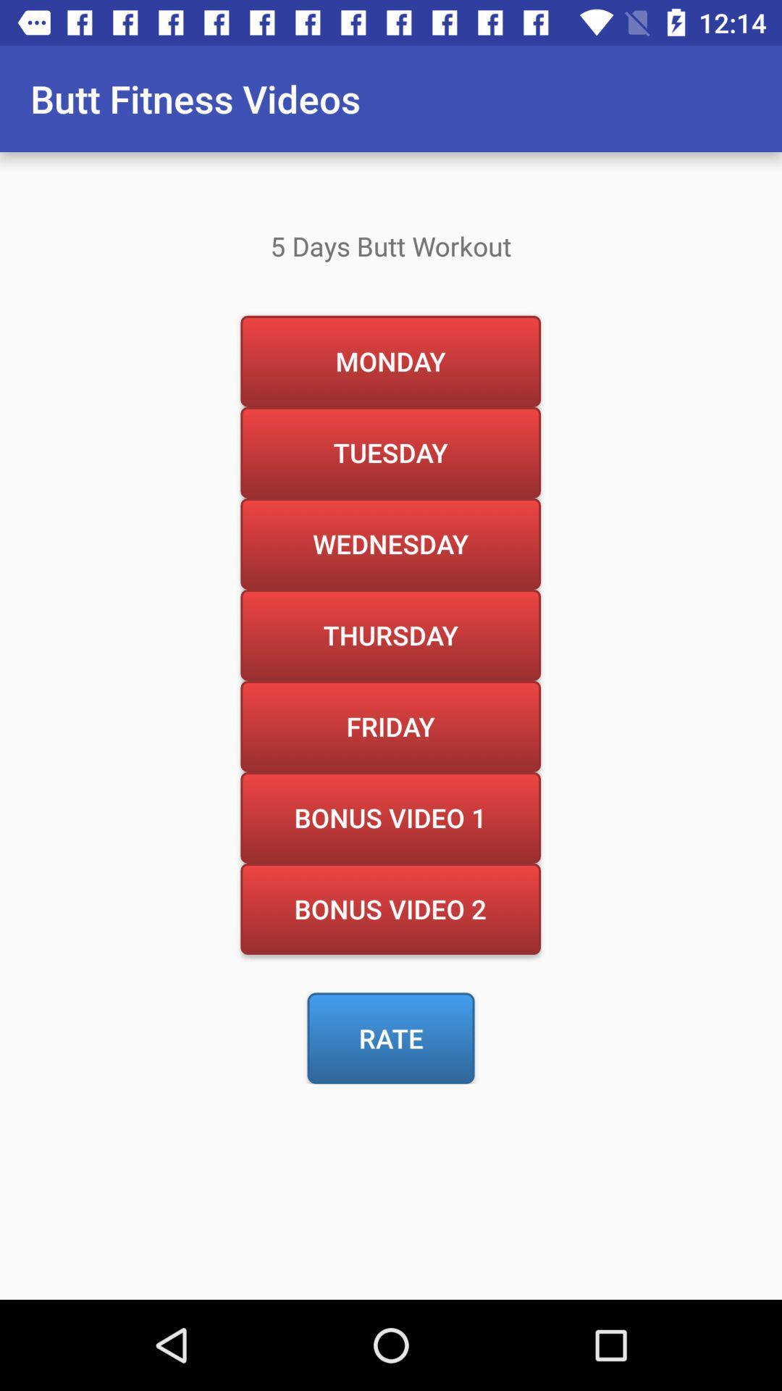  I want to click on icon below the tuesday, so click(390, 543).